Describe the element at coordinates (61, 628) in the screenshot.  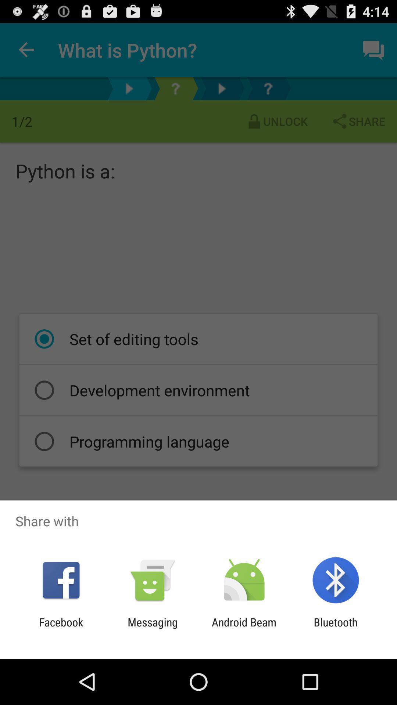
I see `the facebook` at that location.